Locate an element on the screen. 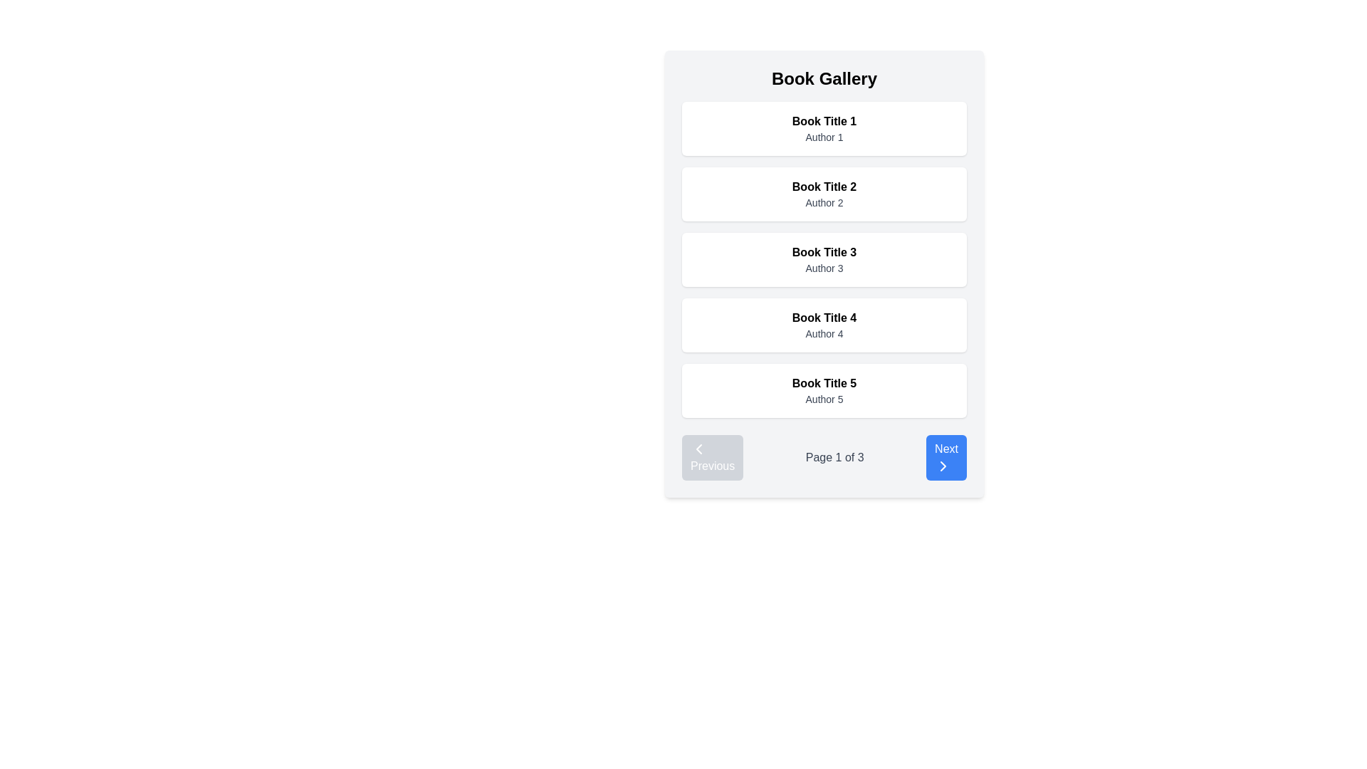 This screenshot has height=769, width=1367. the text label displaying 'Author 3', which is located below 'Book Title 3' in the third card of a vertical list of five cards is located at coordinates (824, 268).